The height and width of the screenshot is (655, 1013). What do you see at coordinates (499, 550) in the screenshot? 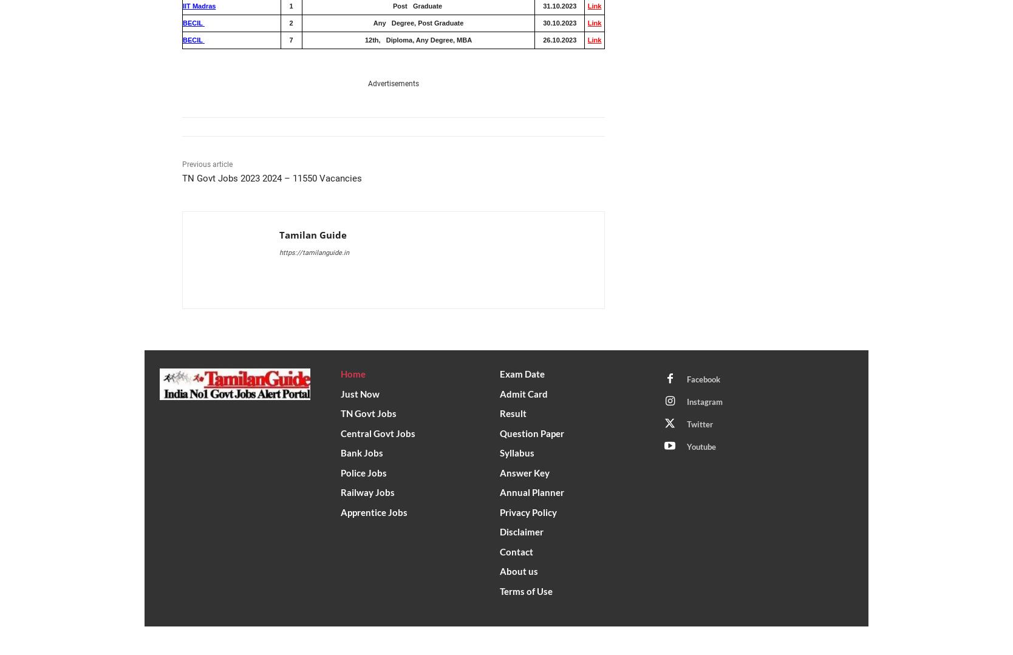
I see `'Contact'` at bounding box center [499, 550].